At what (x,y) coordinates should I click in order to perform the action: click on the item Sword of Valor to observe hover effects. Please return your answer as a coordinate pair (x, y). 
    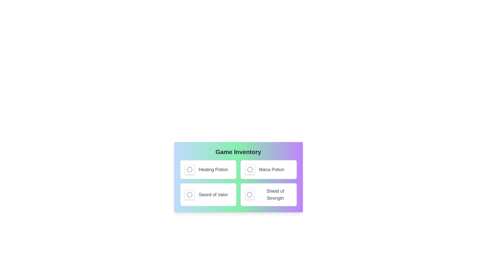
    Looking at the image, I should click on (208, 194).